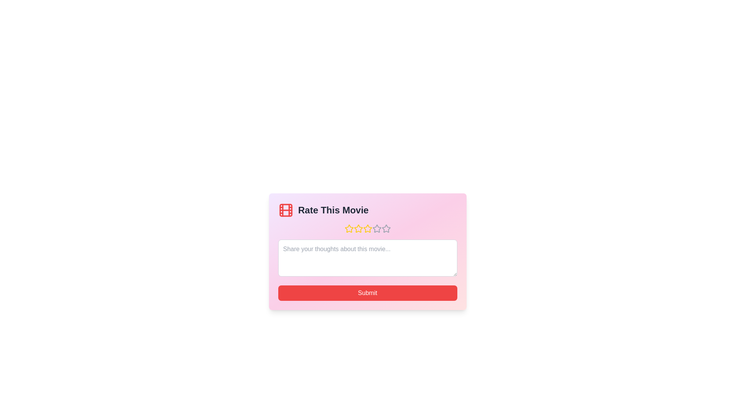 The height and width of the screenshot is (416, 741). Describe the element at coordinates (367, 293) in the screenshot. I see `the submit button to finalize the rating and feedback` at that location.